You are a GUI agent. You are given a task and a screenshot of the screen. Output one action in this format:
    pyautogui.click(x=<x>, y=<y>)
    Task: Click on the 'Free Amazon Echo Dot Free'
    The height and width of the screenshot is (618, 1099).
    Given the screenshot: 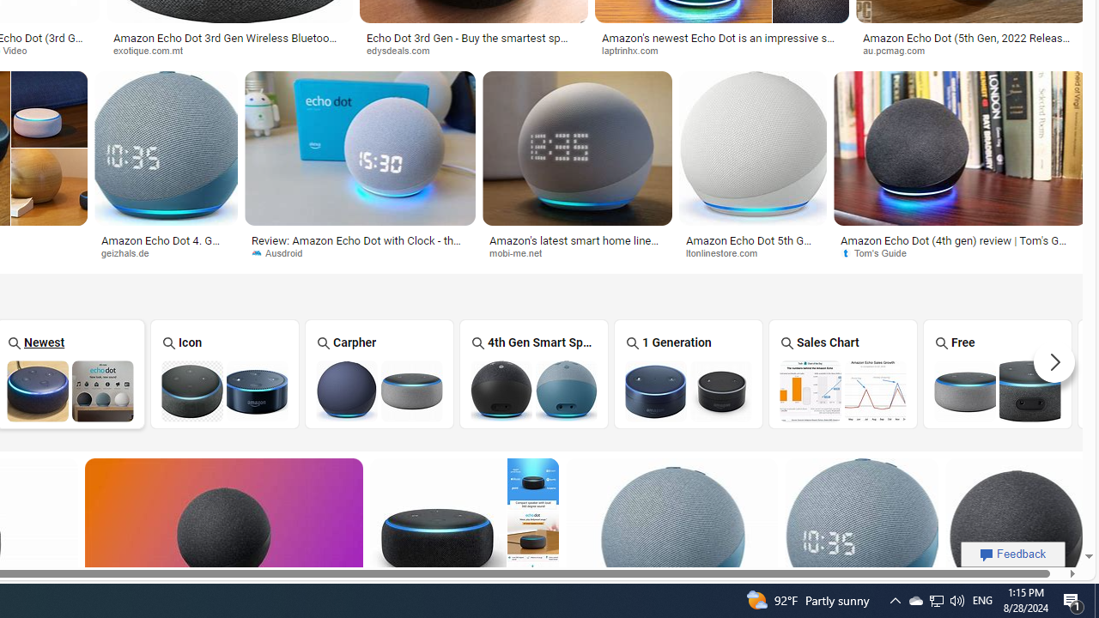 What is the action you would take?
    pyautogui.click(x=998, y=373)
    